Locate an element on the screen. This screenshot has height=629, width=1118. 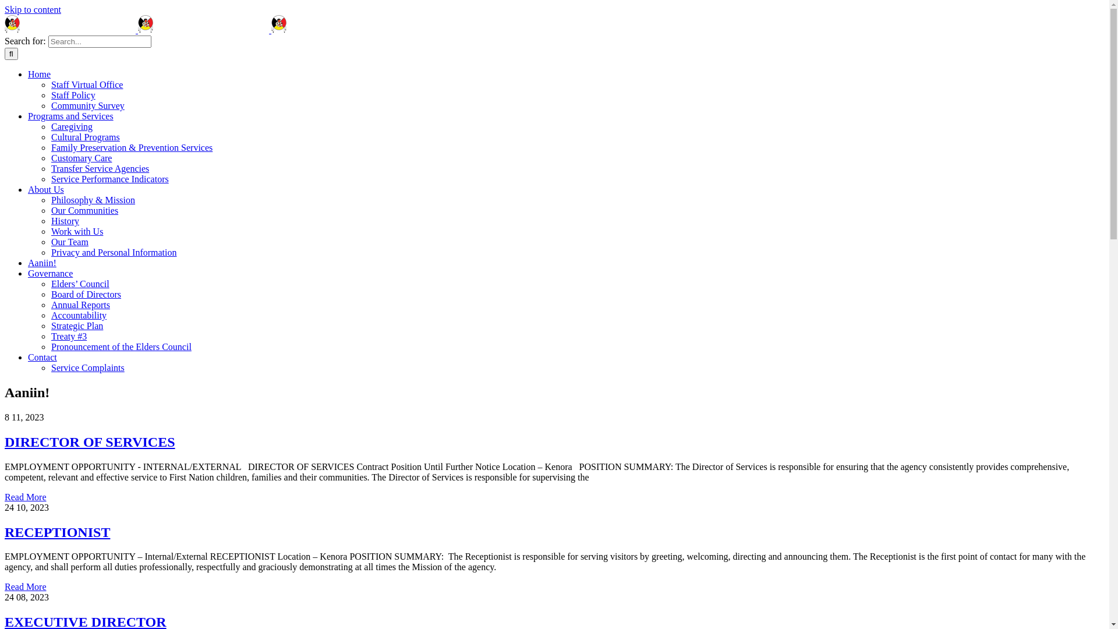
'Community Survey' is located at coordinates (87, 105).